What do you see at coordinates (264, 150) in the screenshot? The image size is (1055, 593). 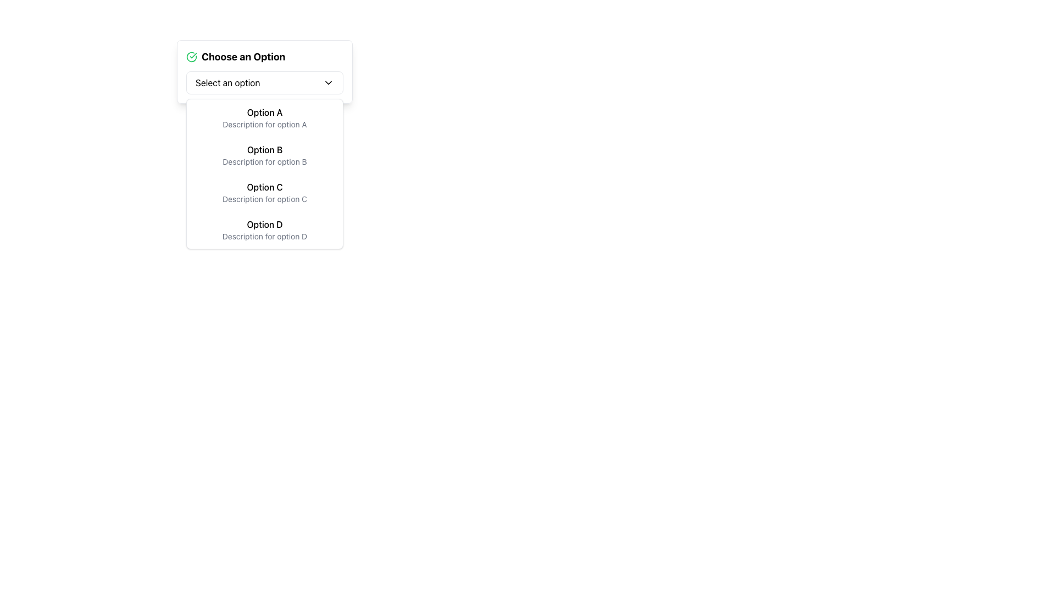 I see `the 'Option B' title text label in the dropdown menu` at bounding box center [264, 150].